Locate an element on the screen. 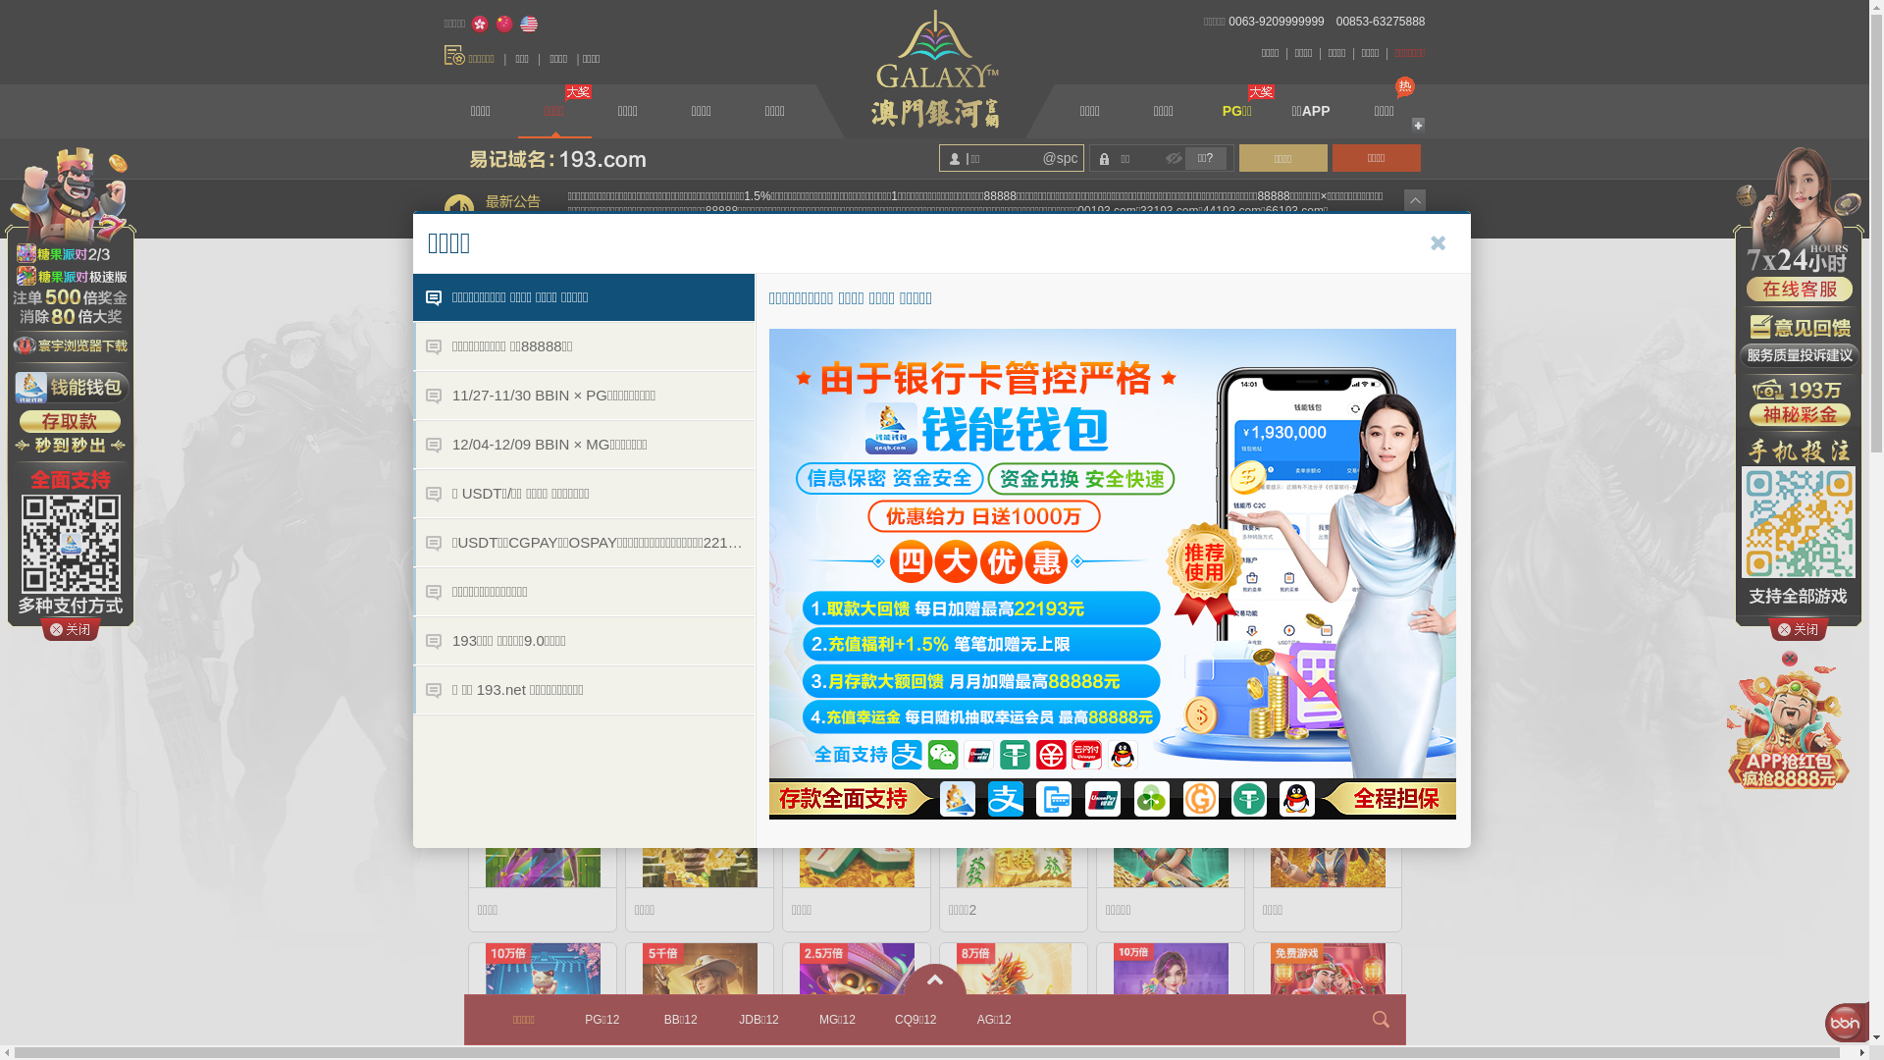 The width and height of the screenshot is (1884, 1060). 'English' is located at coordinates (528, 24).